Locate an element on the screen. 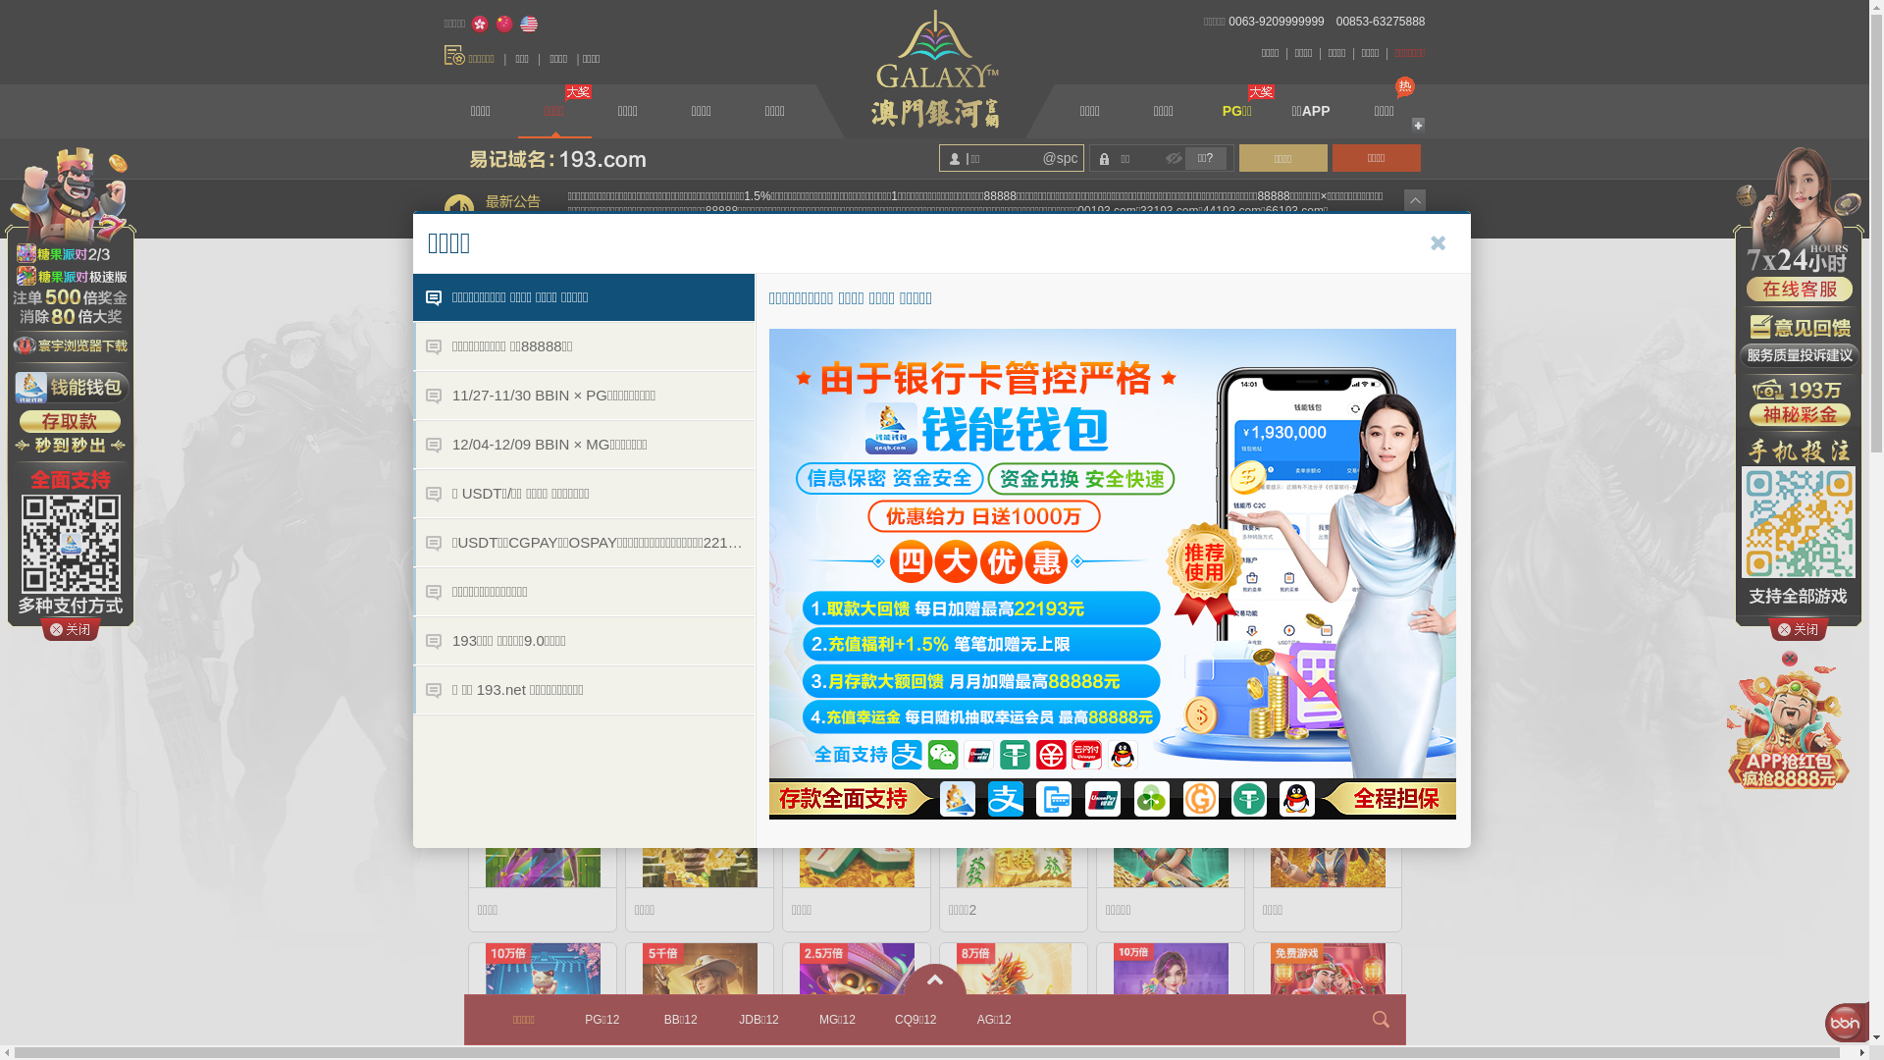 The width and height of the screenshot is (1884, 1060). 'English' is located at coordinates (528, 24).